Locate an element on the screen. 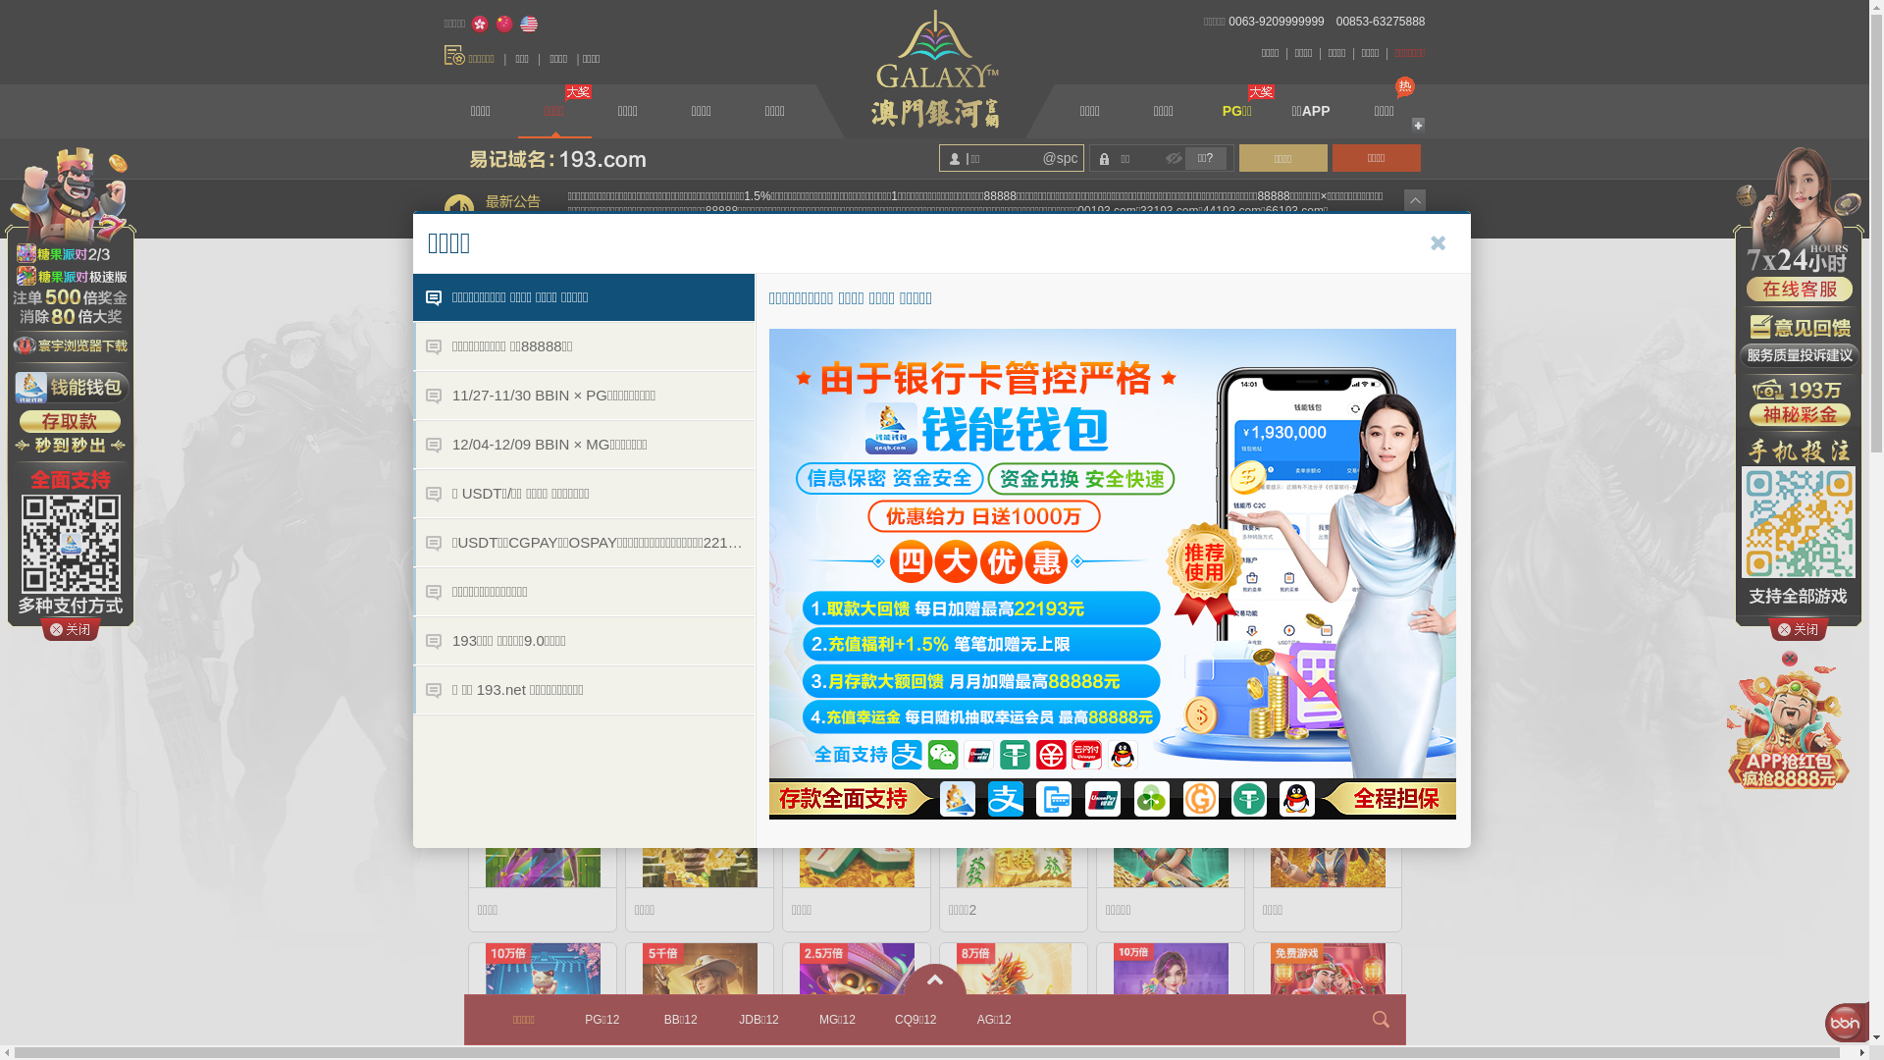 The width and height of the screenshot is (1884, 1060). 'English' is located at coordinates (528, 24).